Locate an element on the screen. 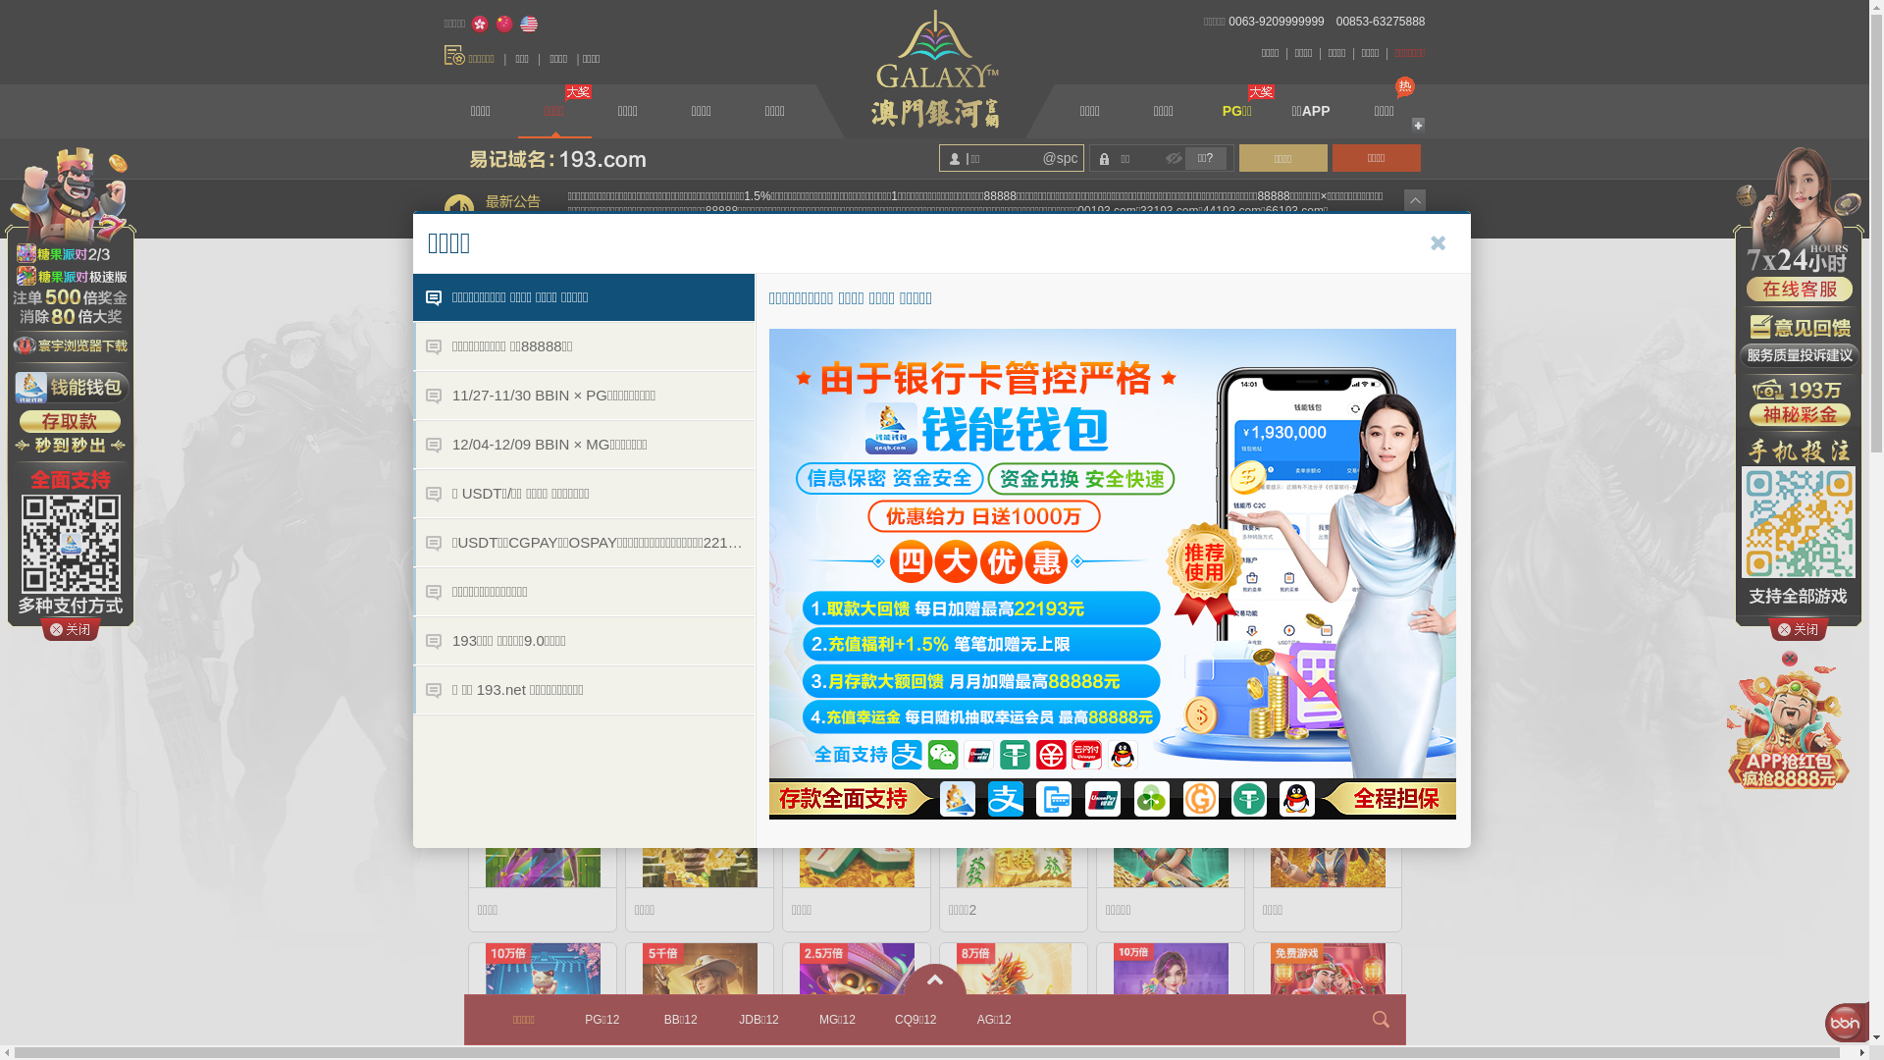 The width and height of the screenshot is (1884, 1060). 'English' is located at coordinates (528, 24).